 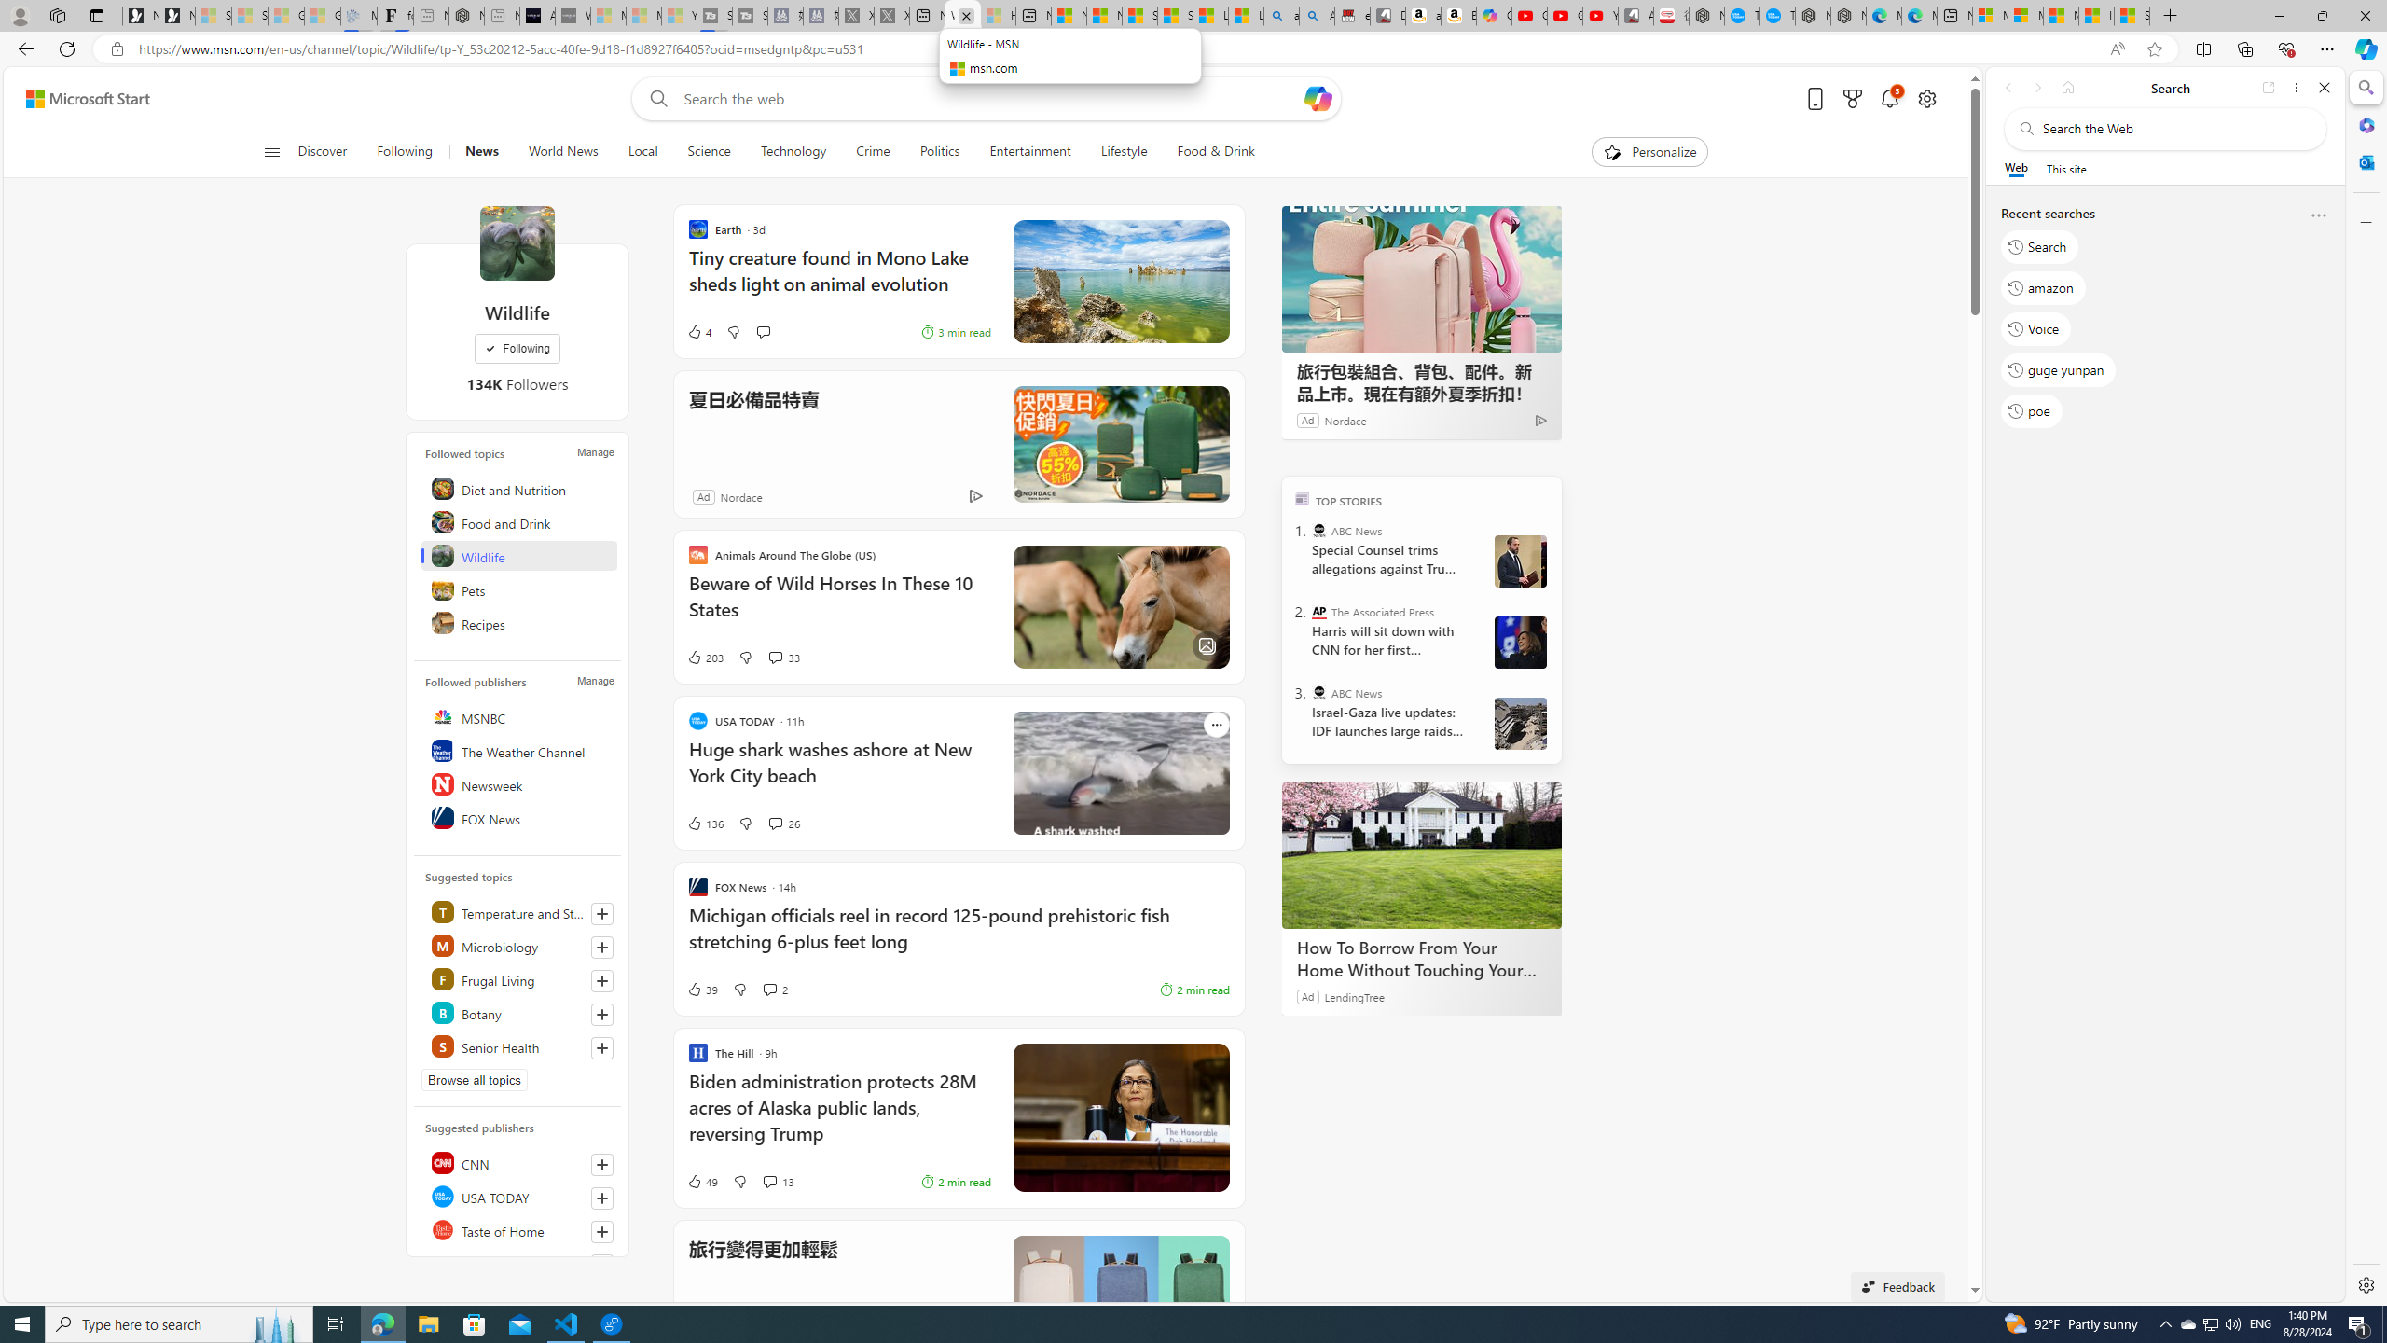 I want to click on 'View comments 33 Comment', so click(x=773, y=657).